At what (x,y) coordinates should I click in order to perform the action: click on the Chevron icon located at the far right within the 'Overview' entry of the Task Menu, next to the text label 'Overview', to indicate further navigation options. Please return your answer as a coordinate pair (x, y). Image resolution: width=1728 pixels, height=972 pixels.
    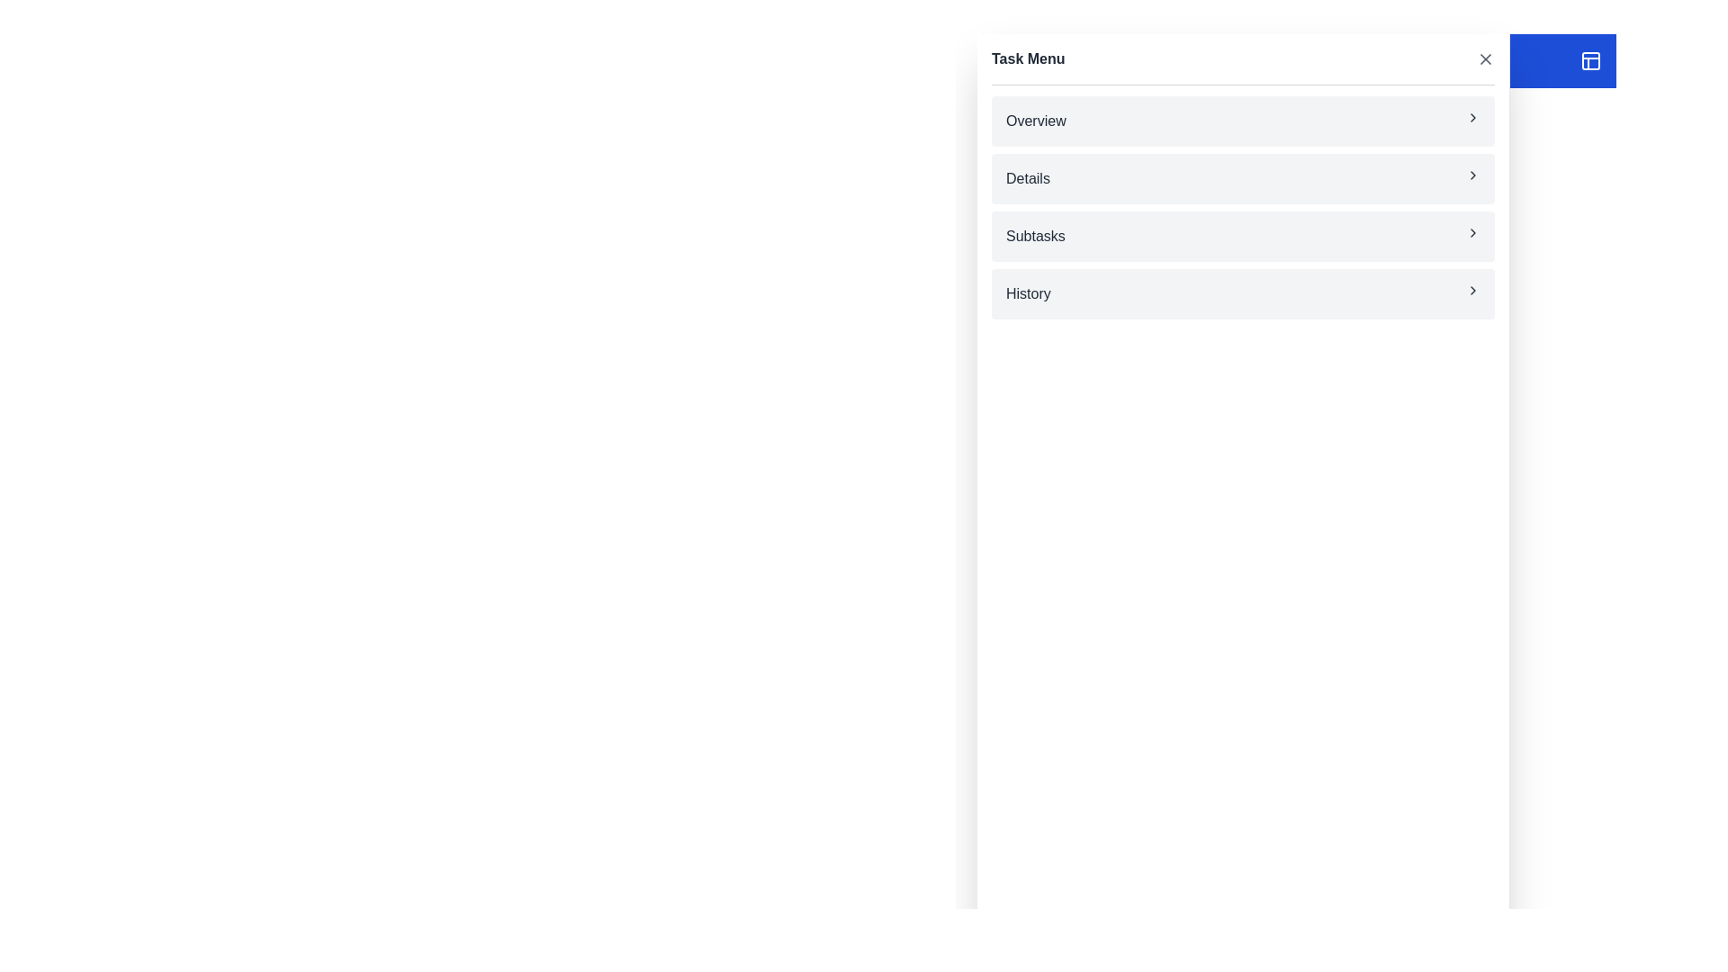
    Looking at the image, I should click on (1472, 118).